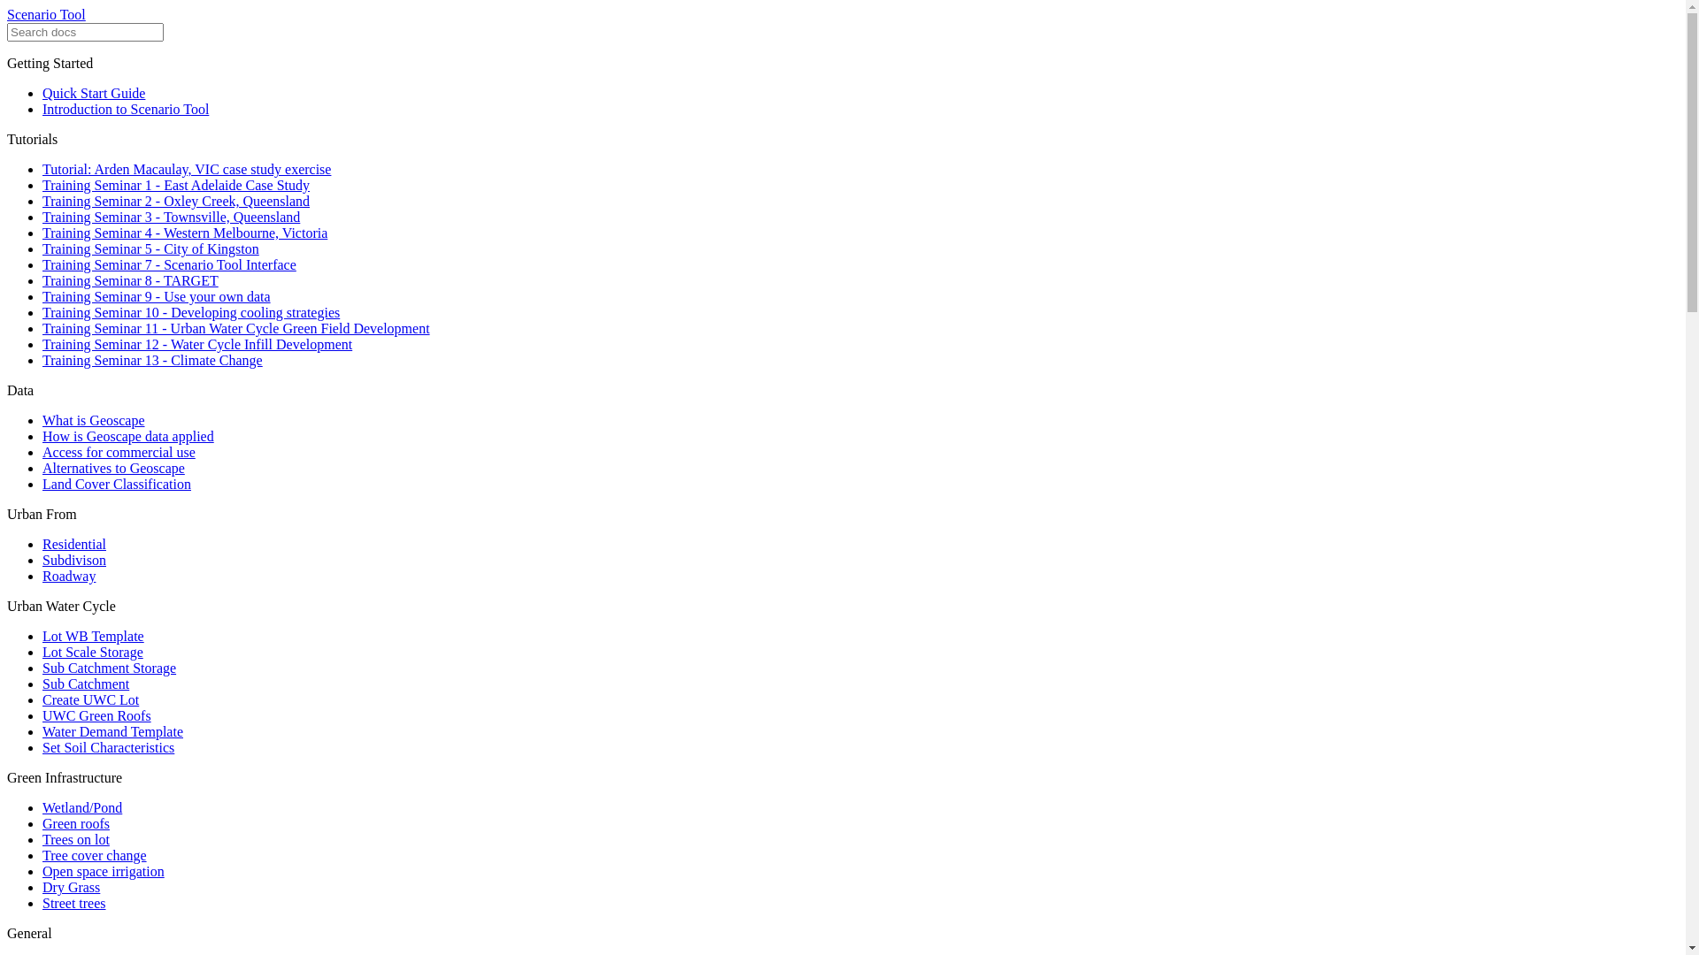  I want to click on 'Lot Scale Storage', so click(92, 652).